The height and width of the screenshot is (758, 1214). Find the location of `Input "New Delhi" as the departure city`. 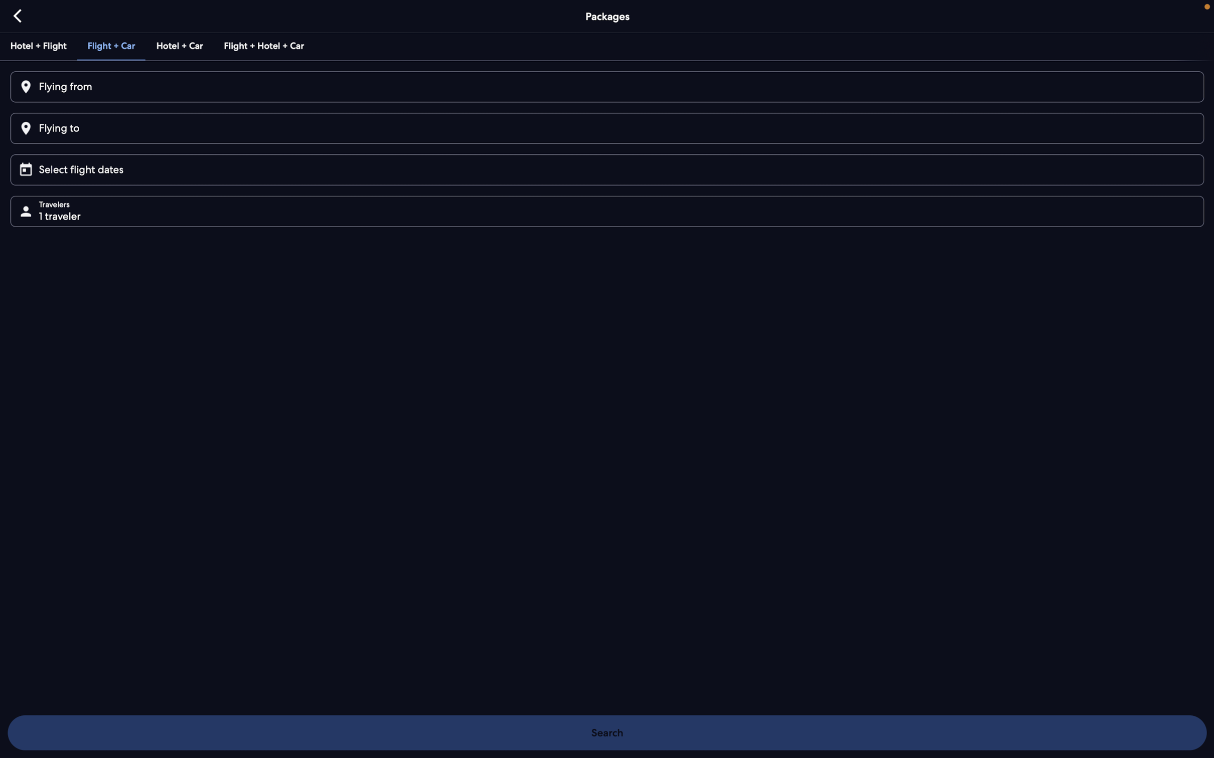

Input "New Delhi" as the departure city is located at coordinates (605, 87).